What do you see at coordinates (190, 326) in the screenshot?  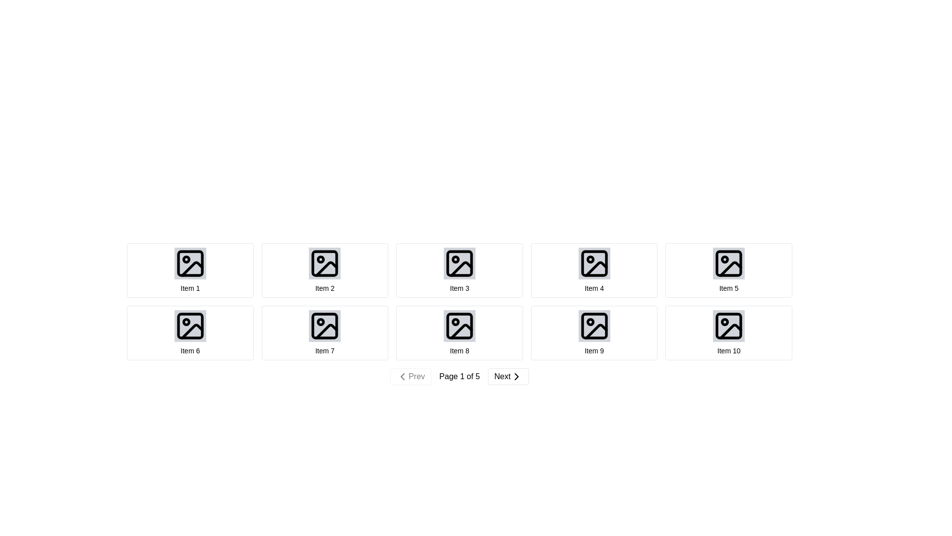 I see `the icon resembling a picture frame with a circular and polygonal shape inside it, located in the 'Item 6' cell of the grid layout` at bounding box center [190, 326].